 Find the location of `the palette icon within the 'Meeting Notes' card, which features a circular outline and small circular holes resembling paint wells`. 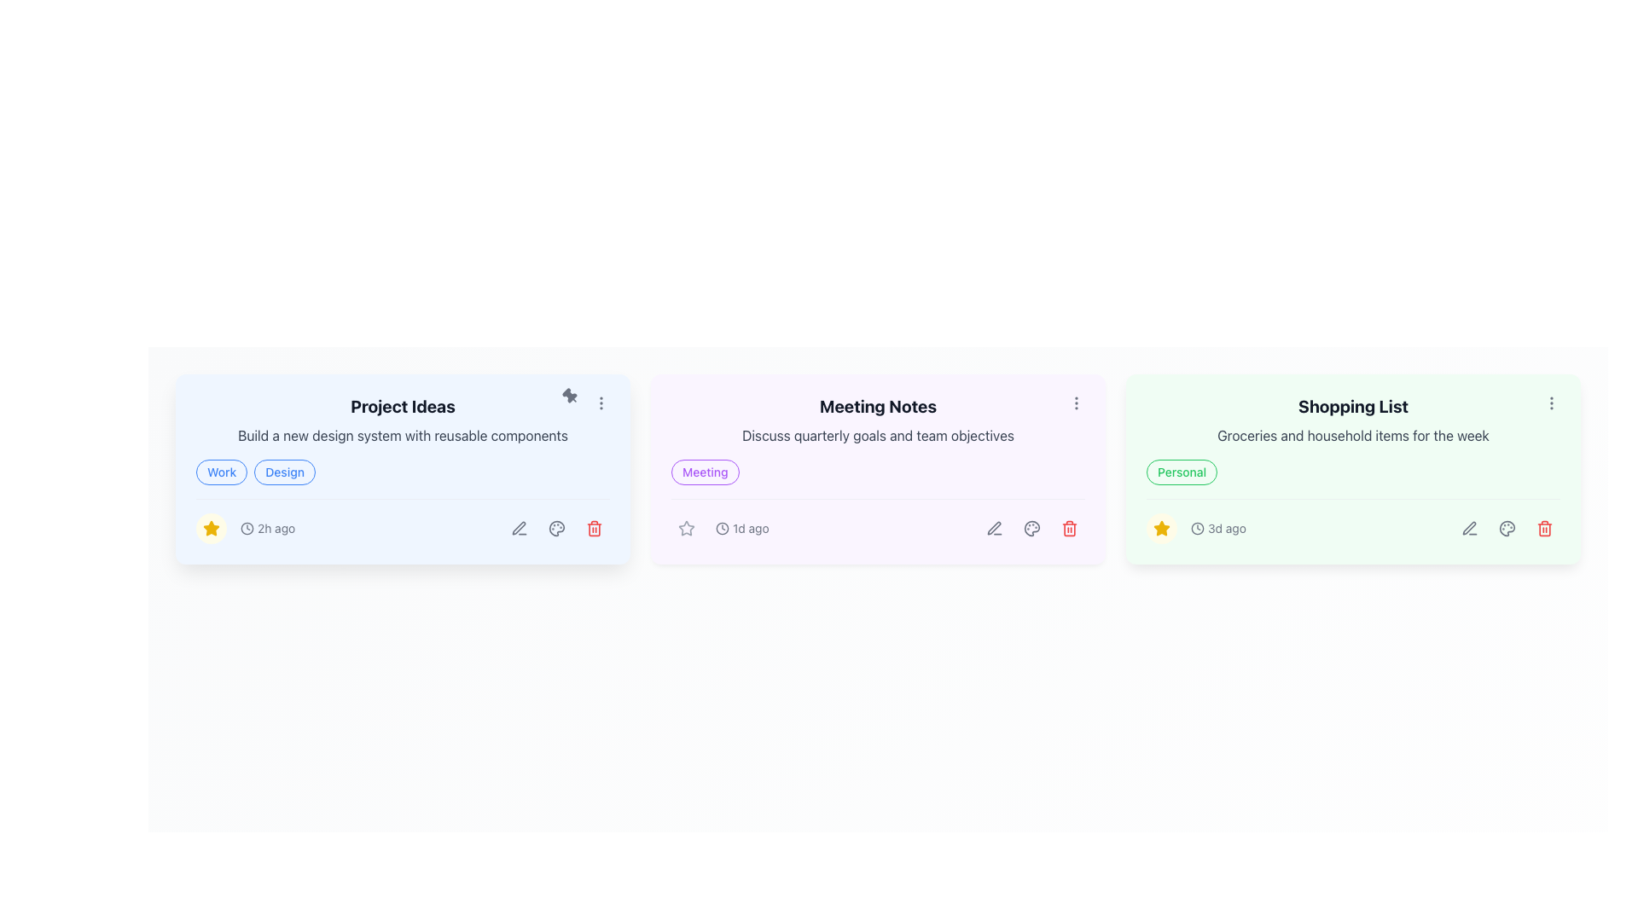

the palette icon within the 'Meeting Notes' card, which features a circular outline and small circular holes resembling paint wells is located at coordinates (1031, 528).